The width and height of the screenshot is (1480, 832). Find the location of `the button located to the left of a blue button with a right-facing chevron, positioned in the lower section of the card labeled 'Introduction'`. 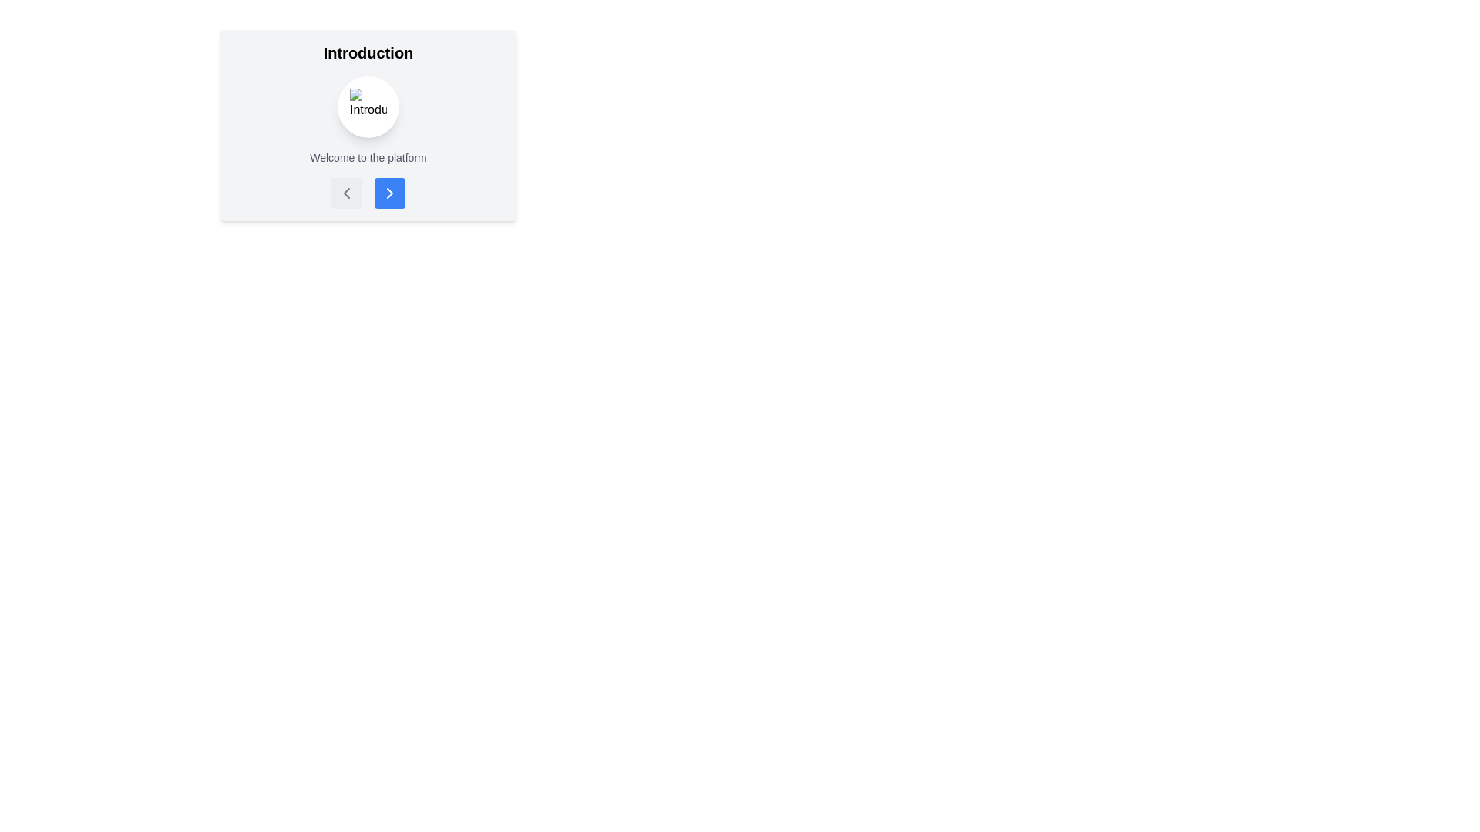

the button located to the left of a blue button with a right-facing chevron, positioned in the lower section of the card labeled 'Introduction' is located at coordinates (346, 192).